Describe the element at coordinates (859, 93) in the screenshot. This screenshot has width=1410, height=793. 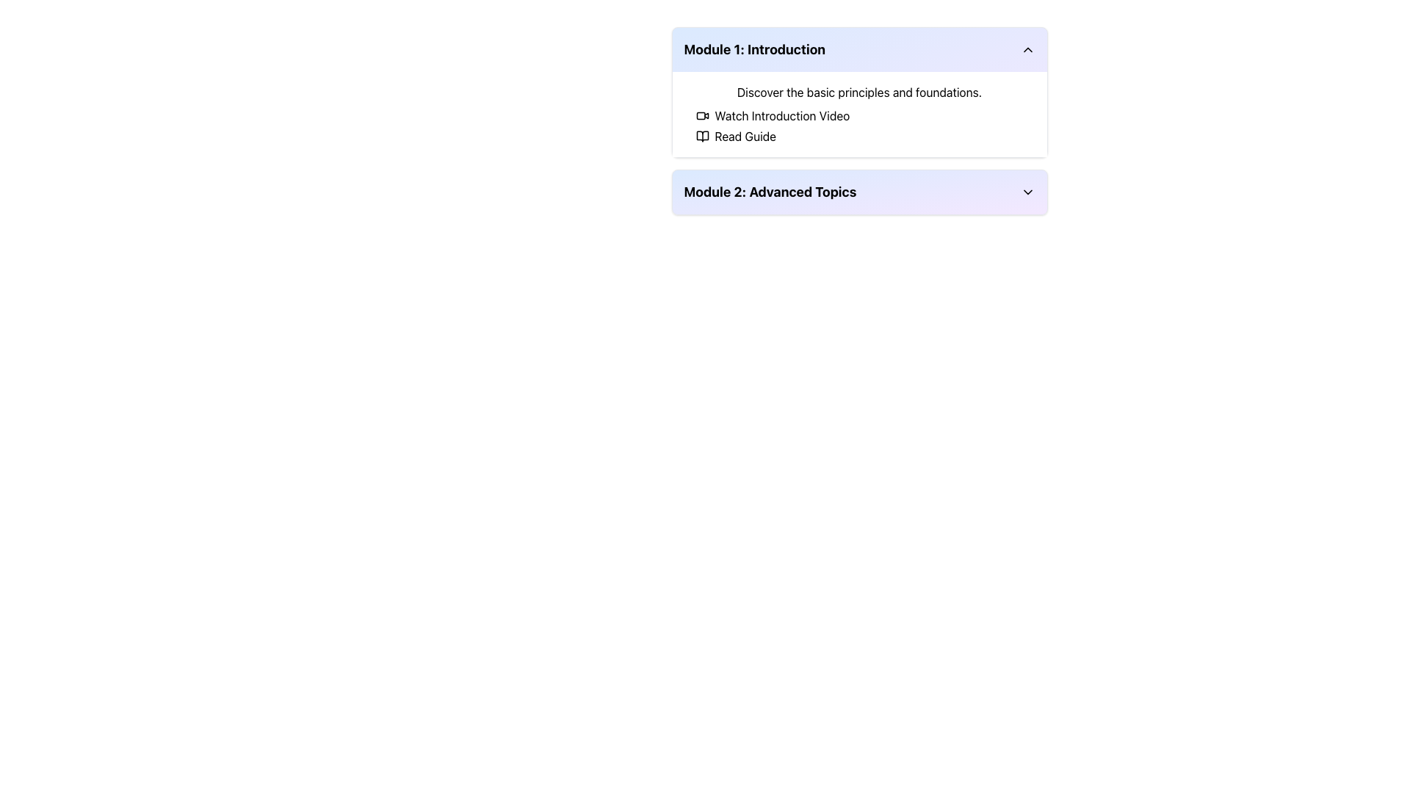
I see `the text label that reads 'Discover the basic principles and foundations' located in the 'Module 1: Introduction' section` at that location.